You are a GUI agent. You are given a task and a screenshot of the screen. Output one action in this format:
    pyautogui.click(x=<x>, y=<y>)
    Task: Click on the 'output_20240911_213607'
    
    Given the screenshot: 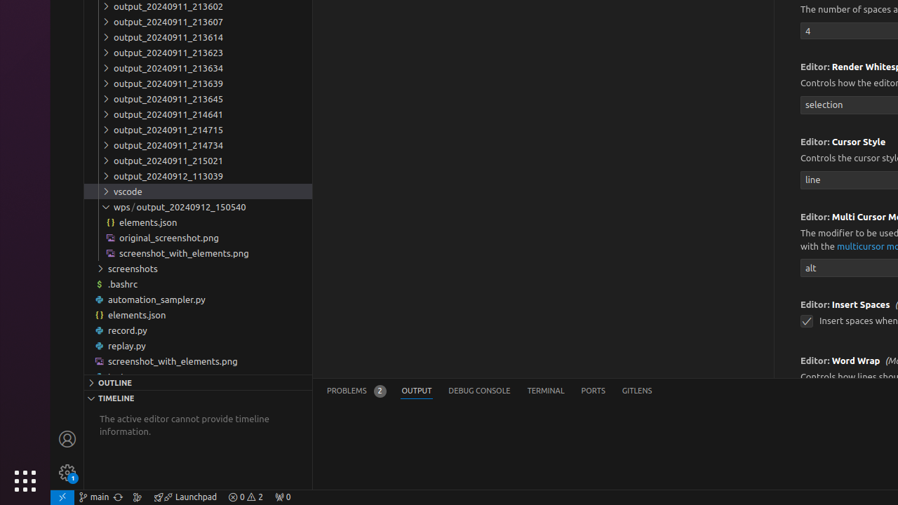 What is the action you would take?
    pyautogui.click(x=197, y=22)
    